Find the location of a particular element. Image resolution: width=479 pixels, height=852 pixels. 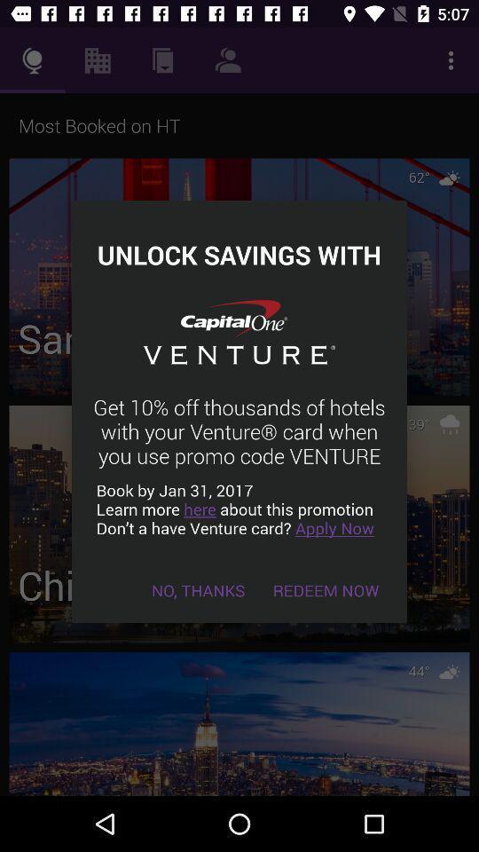

the no, thanks item is located at coordinates (197, 590).